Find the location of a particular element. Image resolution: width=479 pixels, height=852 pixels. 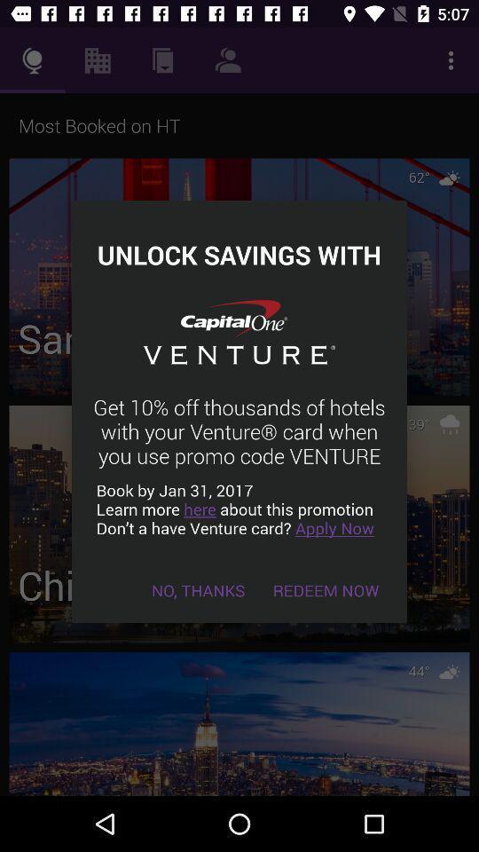

the no, thanks item is located at coordinates (197, 590).